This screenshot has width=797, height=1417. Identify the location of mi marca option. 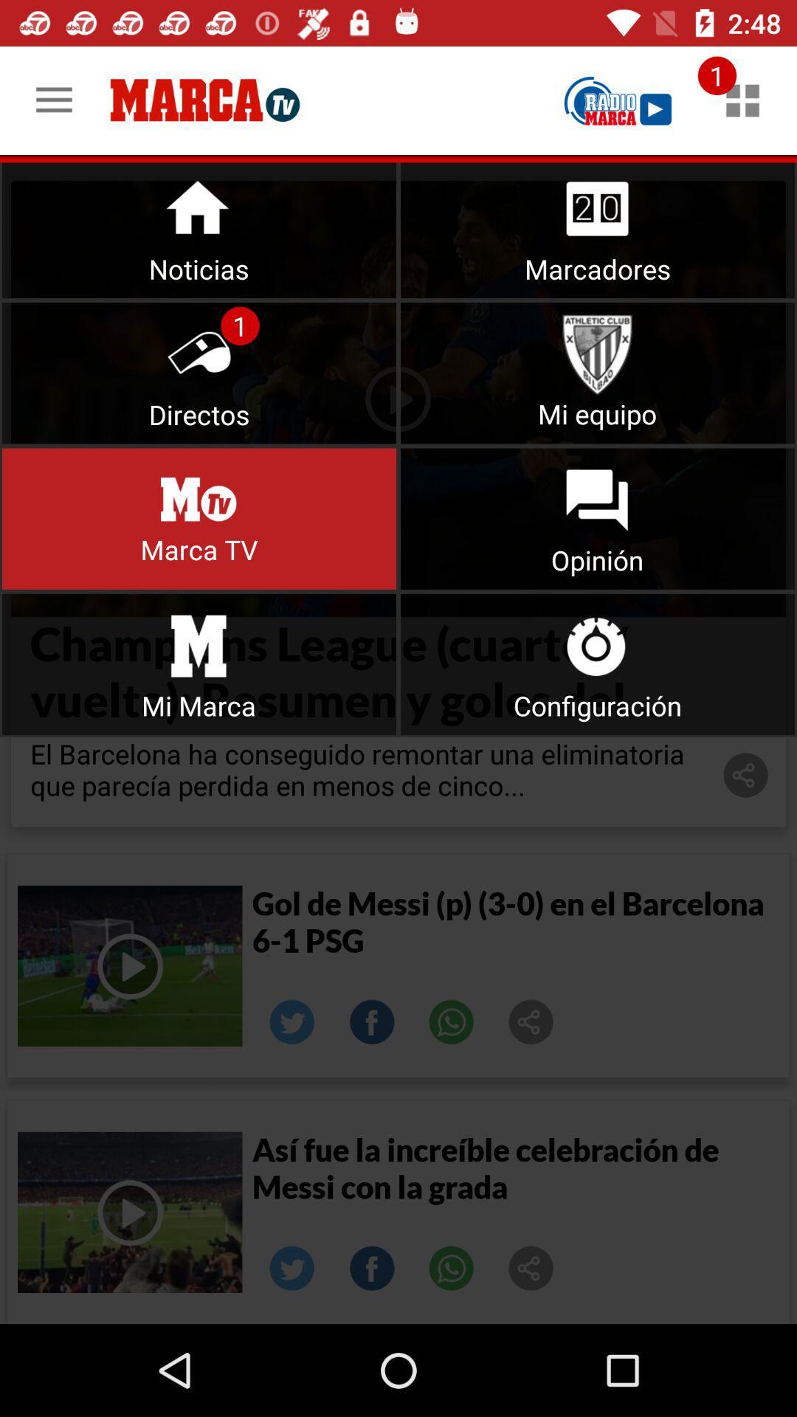
(199, 663).